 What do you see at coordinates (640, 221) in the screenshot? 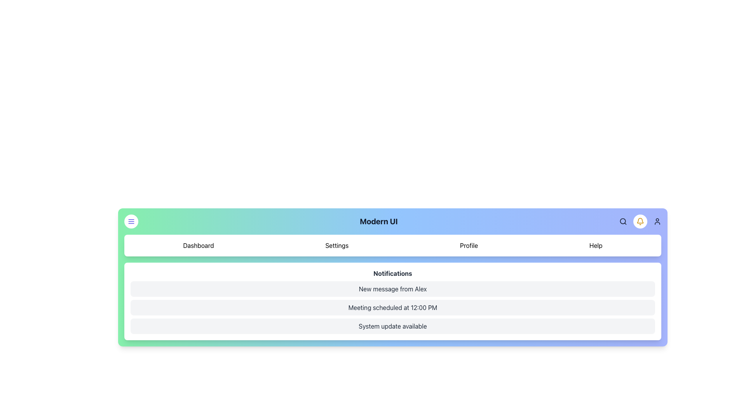
I see `the circular button with a white background and a yellow bell icon, located in the top-right corner of the application interface, to change its background color to gray` at bounding box center [640, 221].